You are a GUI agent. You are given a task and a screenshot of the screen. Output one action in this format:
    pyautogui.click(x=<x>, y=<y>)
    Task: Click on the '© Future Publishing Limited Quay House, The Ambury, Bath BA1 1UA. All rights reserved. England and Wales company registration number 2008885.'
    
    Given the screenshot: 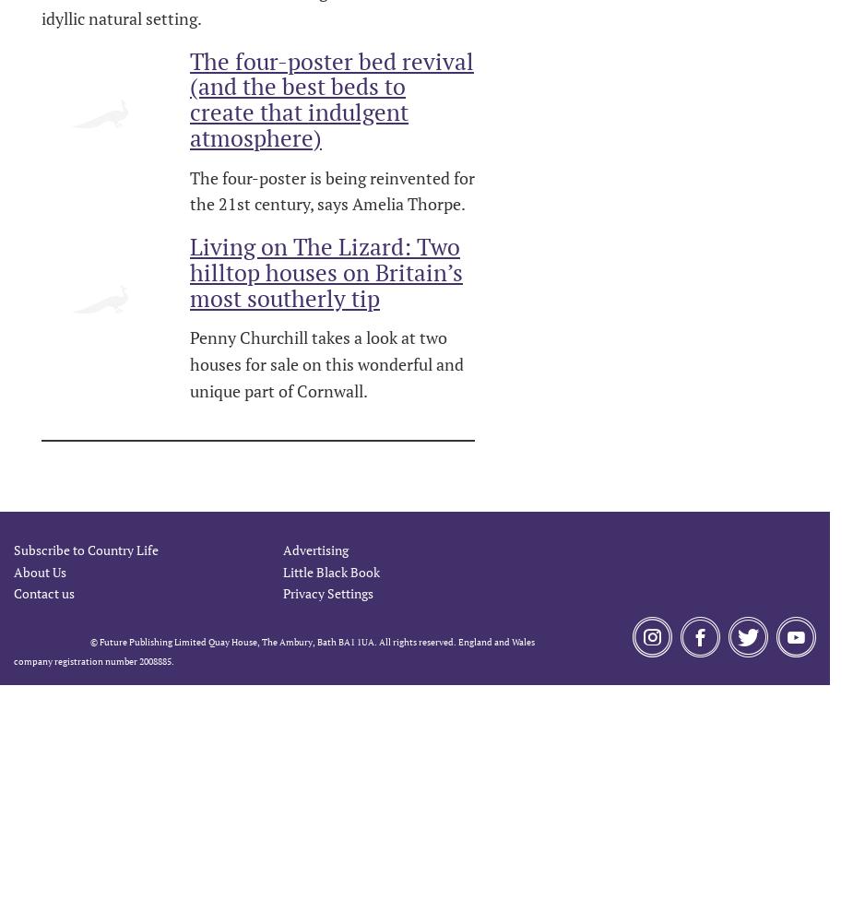 What is the action you would take?
    pyautogui.click(x=12, y=651)
    